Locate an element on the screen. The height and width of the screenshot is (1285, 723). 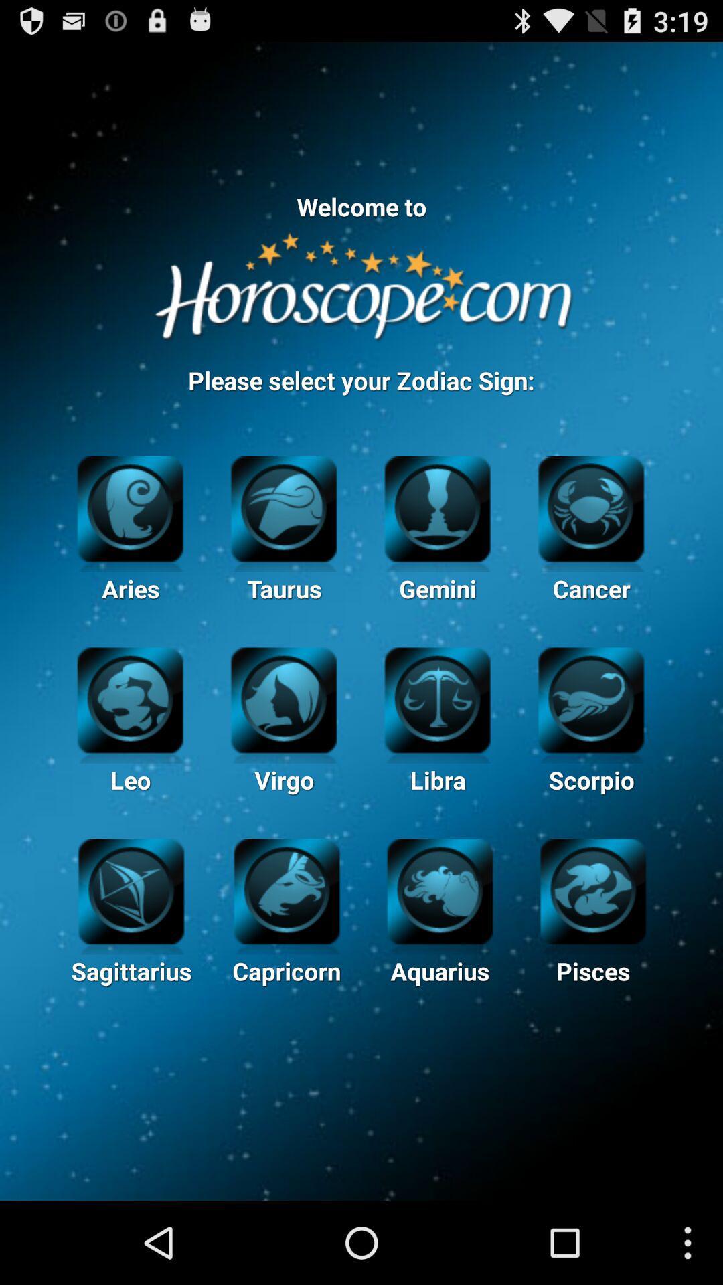
libra is located at coordinates (437, 697).